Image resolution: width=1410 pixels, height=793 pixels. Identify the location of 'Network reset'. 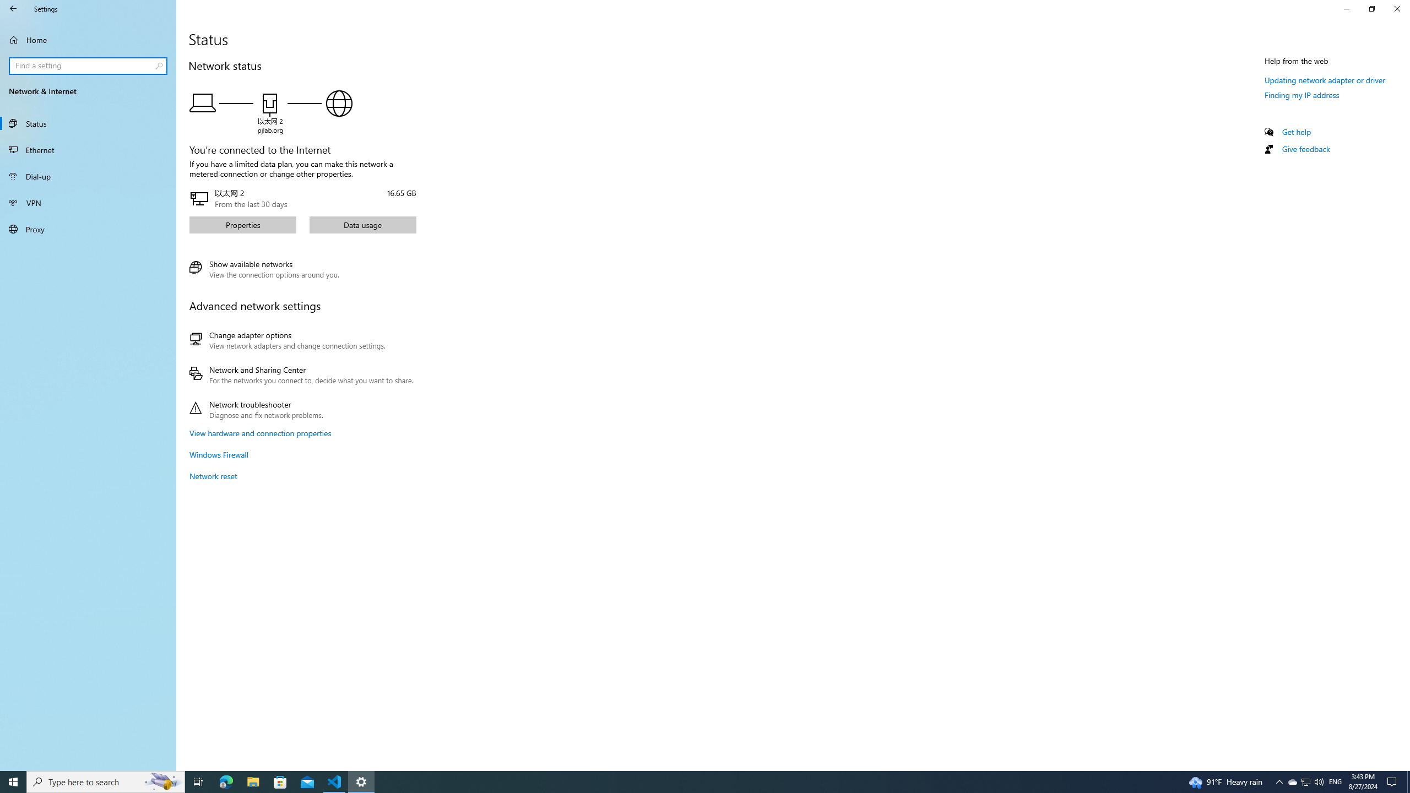
(213, 475).